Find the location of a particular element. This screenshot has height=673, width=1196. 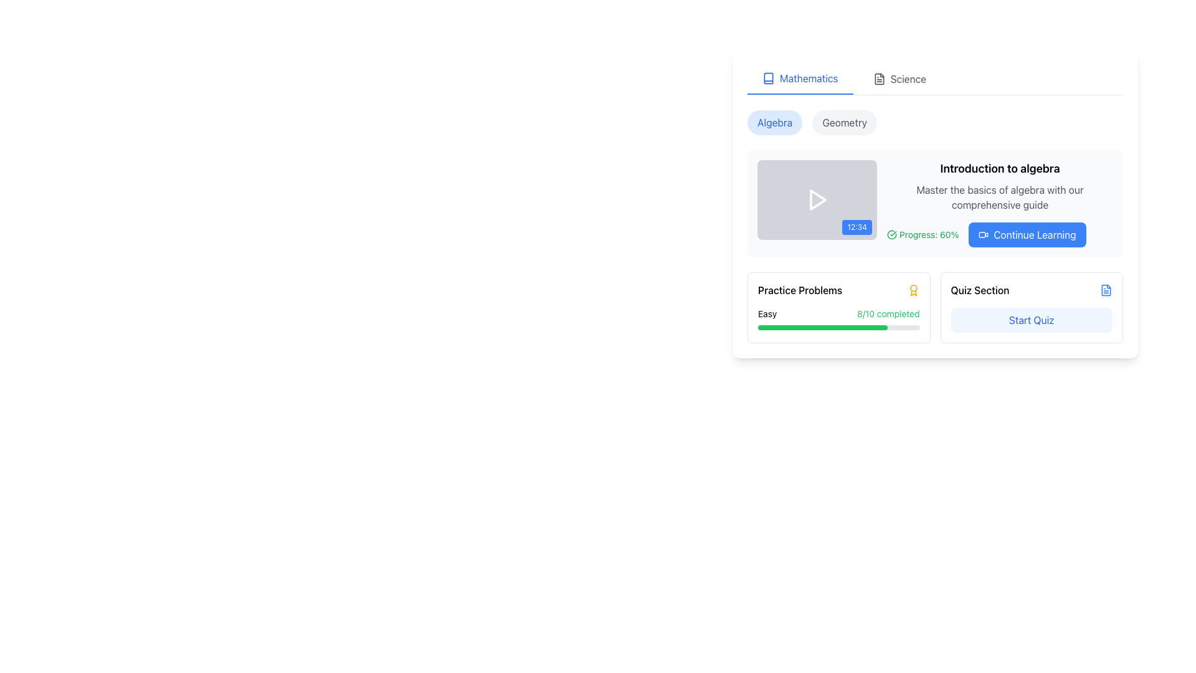

the 'Geometry' button, which is a rounded rectangular button with a light gray background and dark gray text, located to the right of the 'Algebra' button is located at coordinates (845, 122).